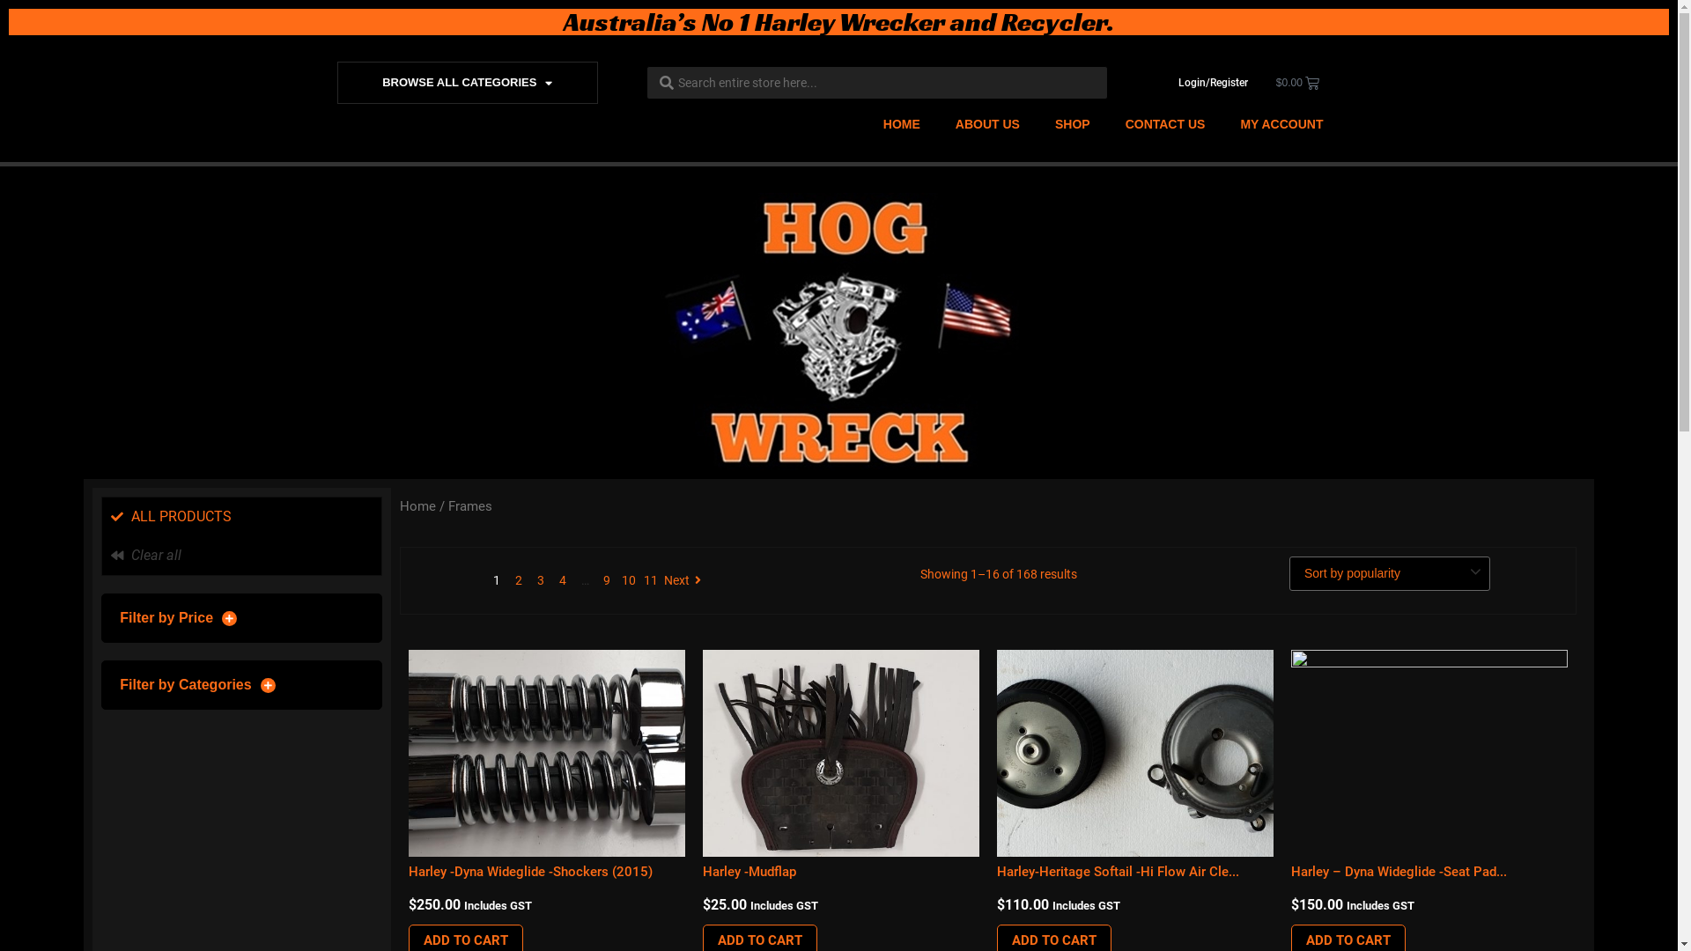 The width and height of the screenshot is (1691, 951). What do you see at coordinates (901, 123) in the screenshot?
I see `'HOME'` at bounding box center [901, 123].